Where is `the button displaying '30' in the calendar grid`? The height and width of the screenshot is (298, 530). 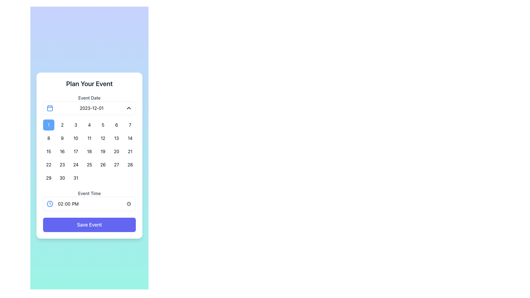
the button displaying '30' in the calendar grid is located at coordinates (62, 178).